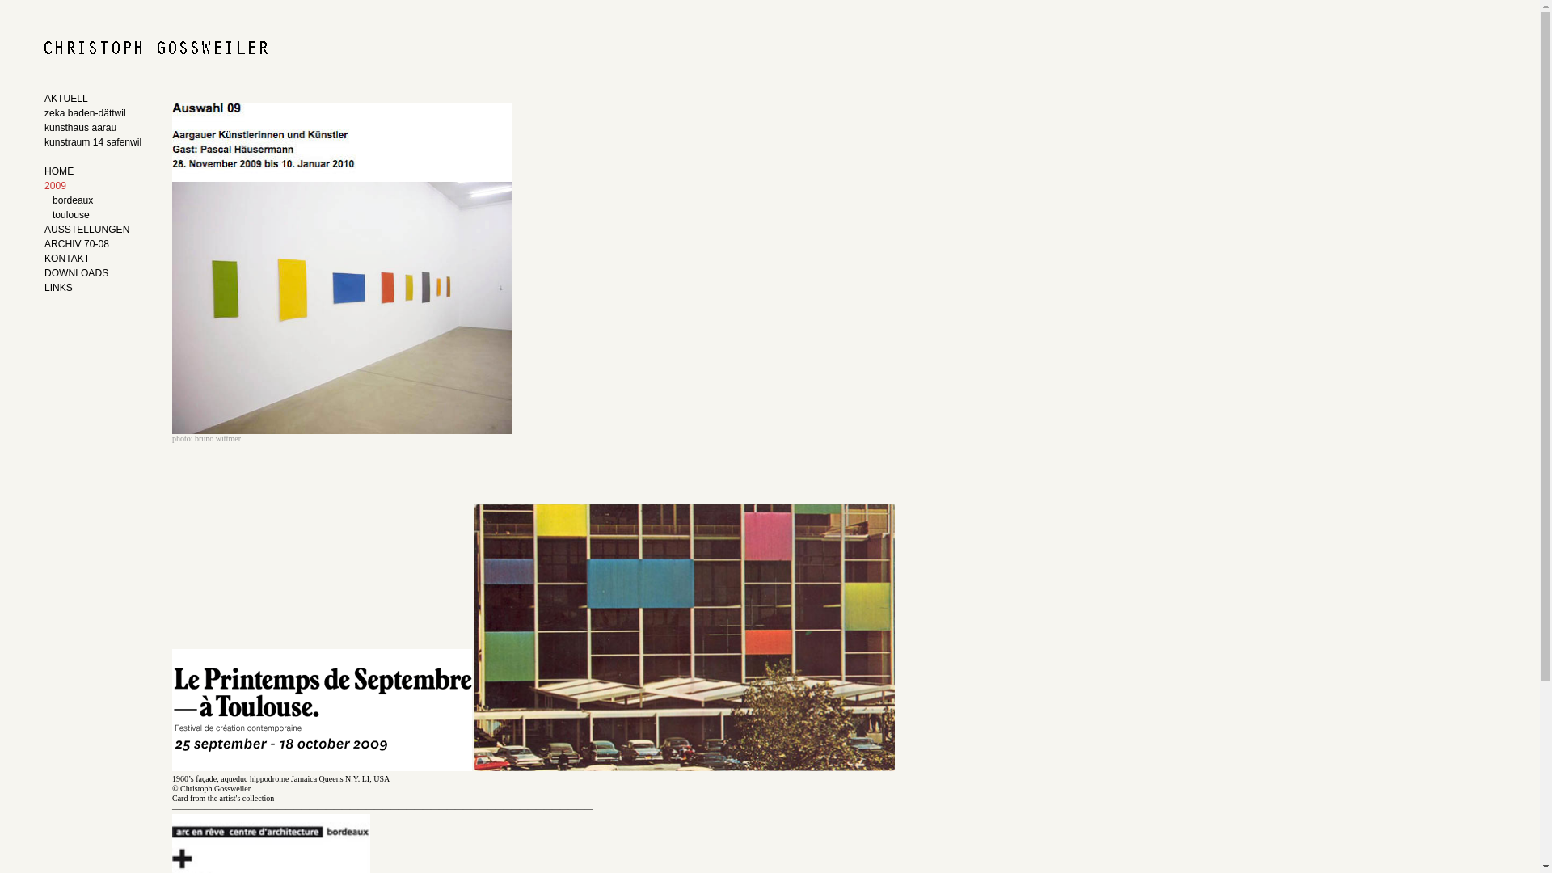  Describe the element at coordinates (94, 142) in the screenshot. I see `'kunstraum 14 safenwil'` at that location.